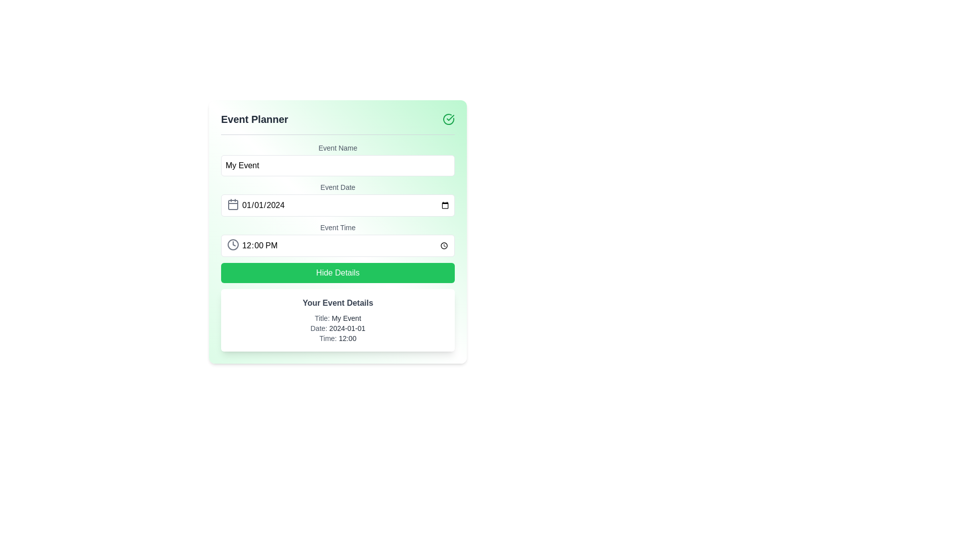  What do you see at coordinates (448, 118) in the screenshot?
I see `the green checkmark SVG icon in the top-right corner of the 'Event Planner' panel, adjacent to the panel's title text 'Event Planner'` at bounding box center [448, 118].